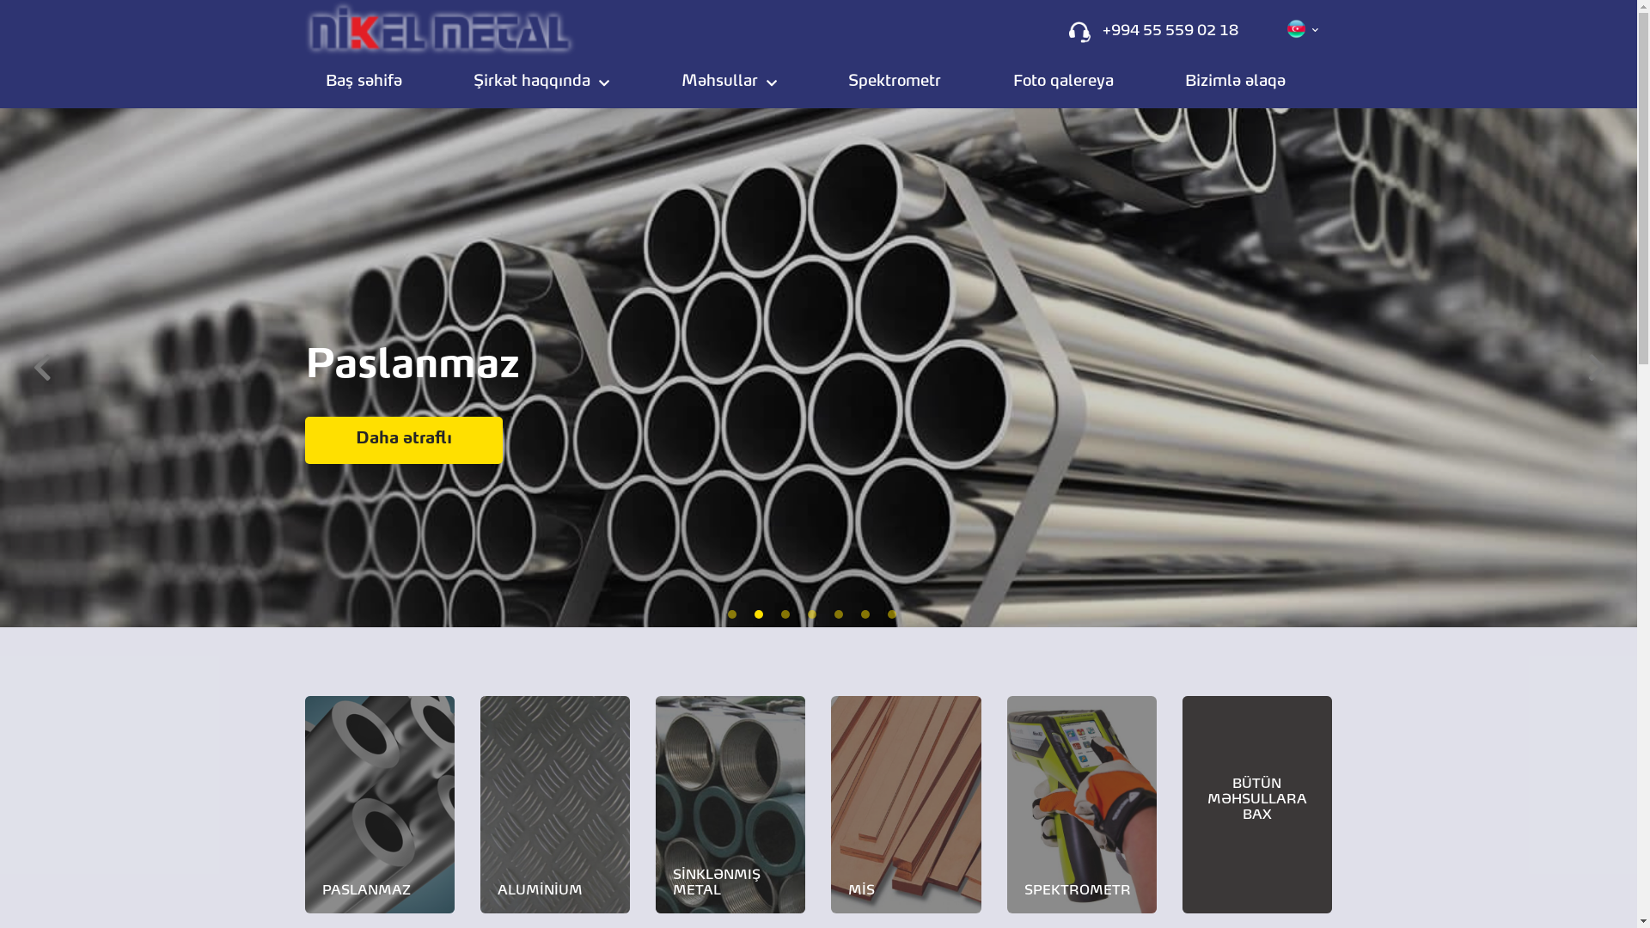 The width and height of the screenshot is (1650, 928). I want to click on 'SPEKTROMETR', so click(1080, 804).